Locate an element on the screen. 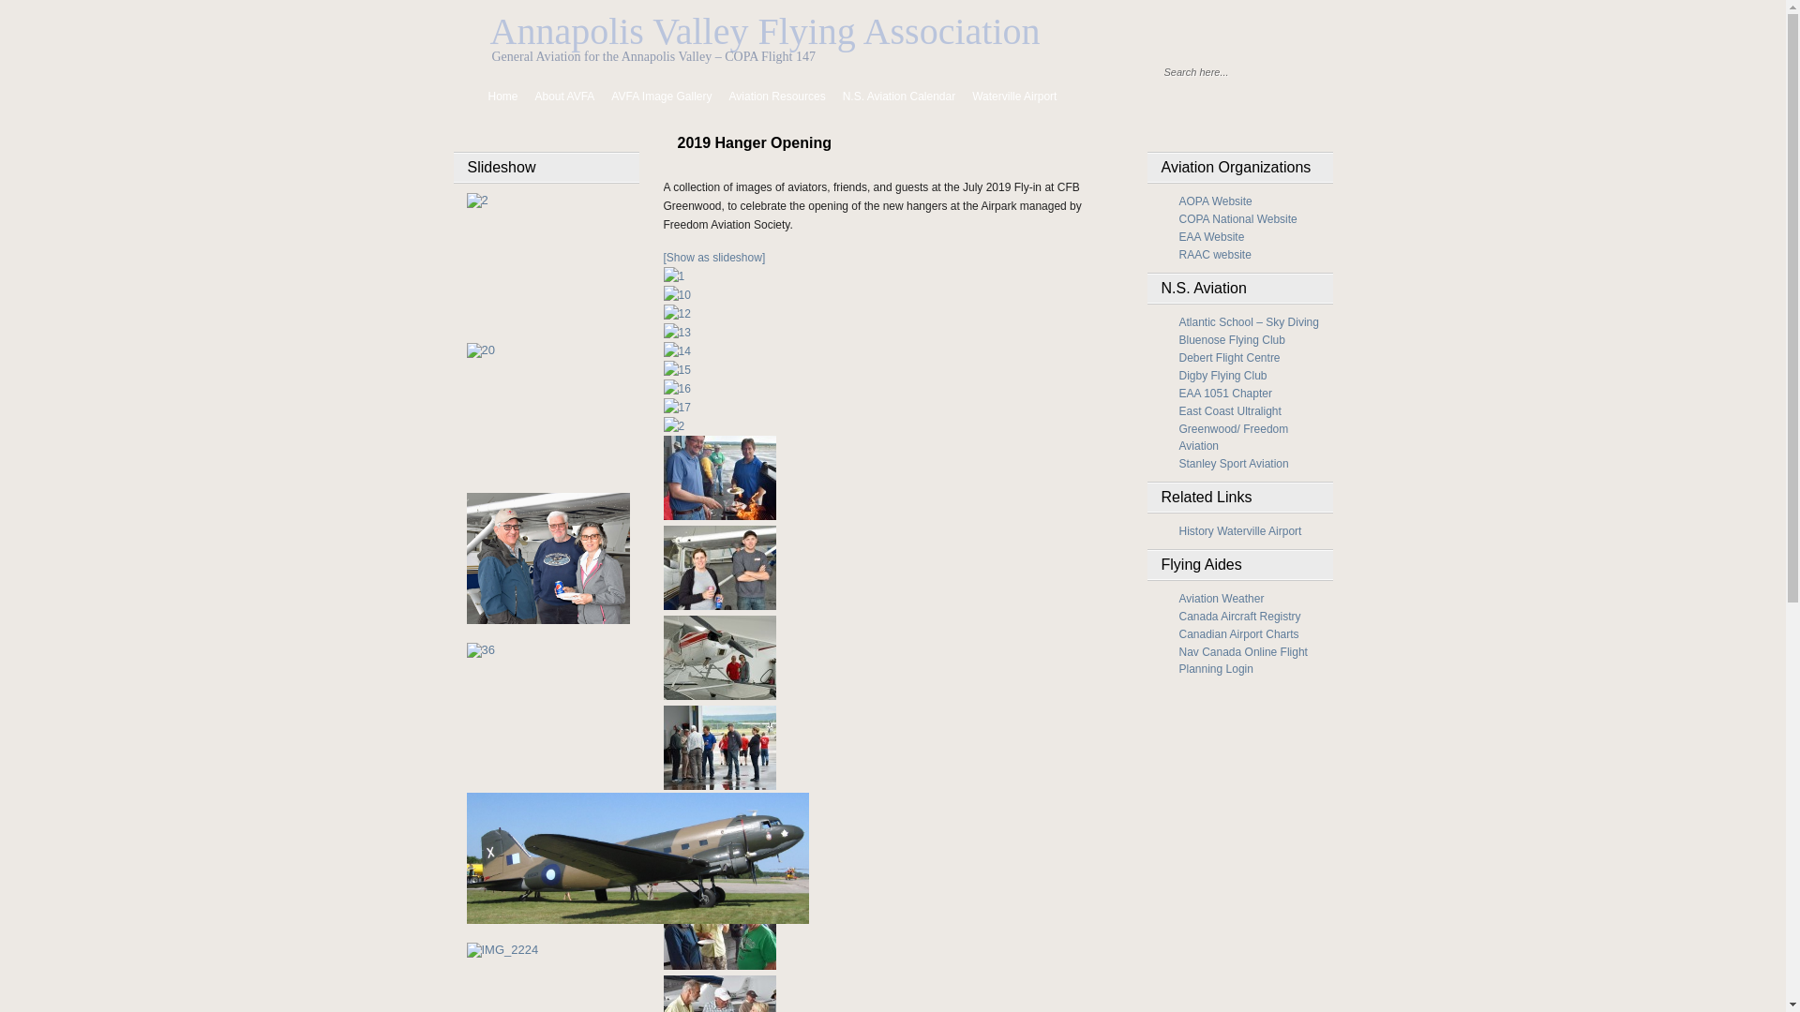  '14' is located at coordinates (664, 350).